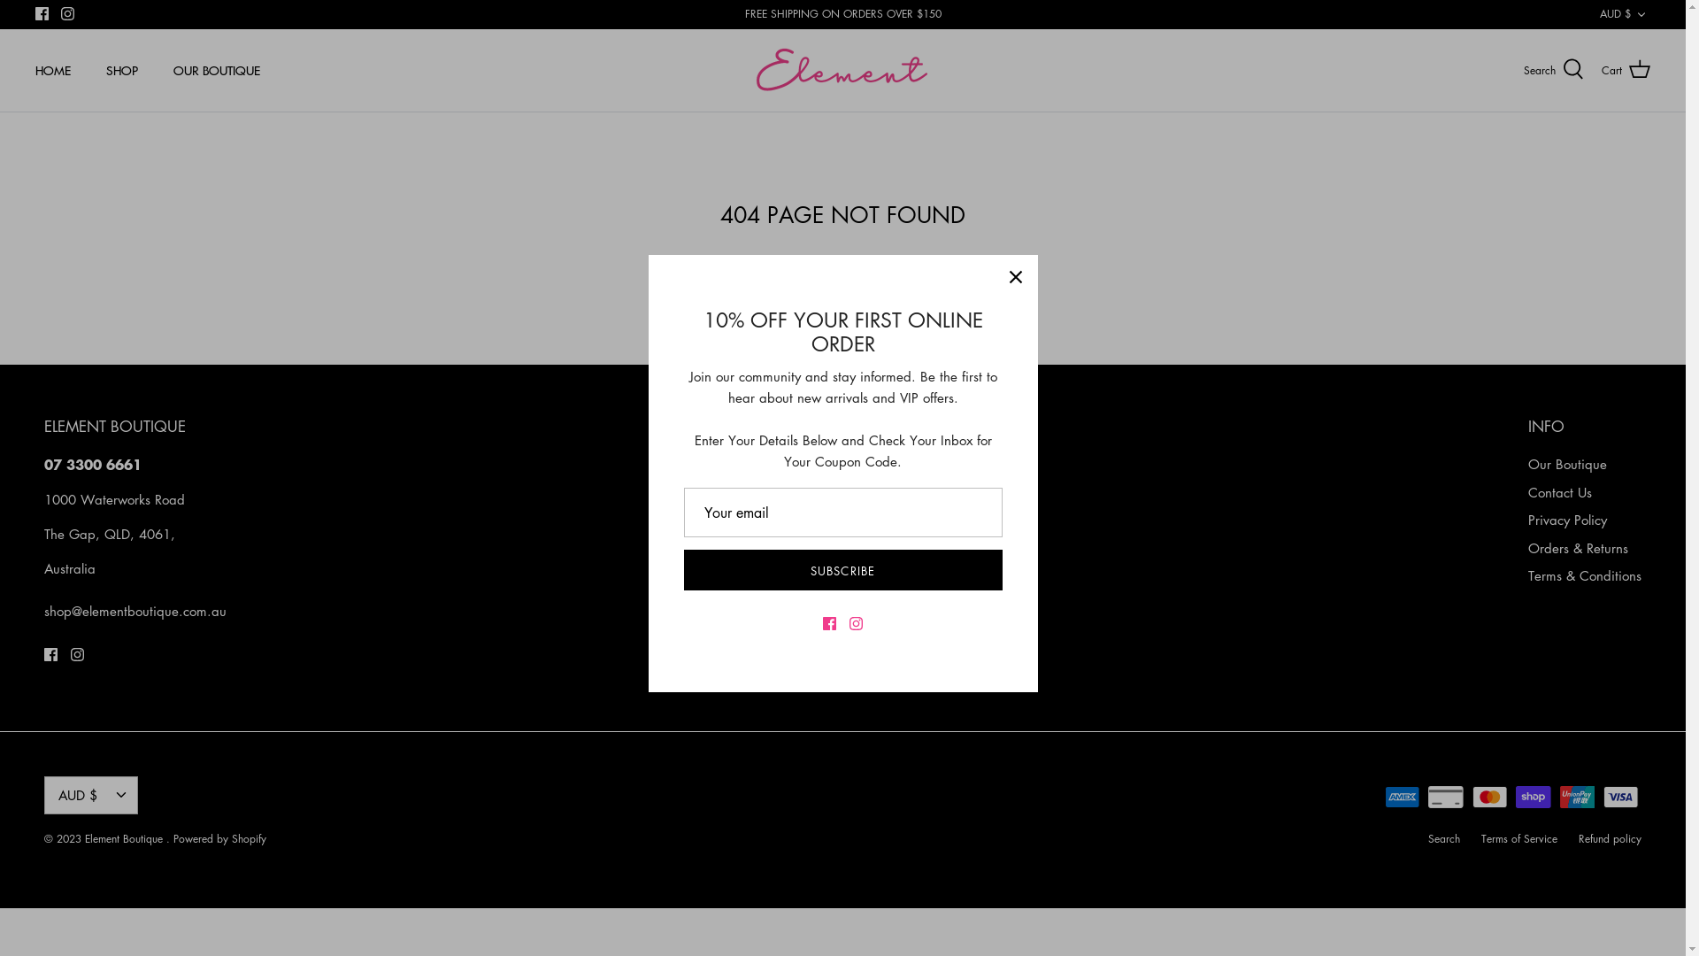 This screenshot has width=1699, height=956. What do you see at coordinates (135, 610) in the screenshot?
I see `'shop@elementboutique.com.au'` at bounding box center [135, 610].